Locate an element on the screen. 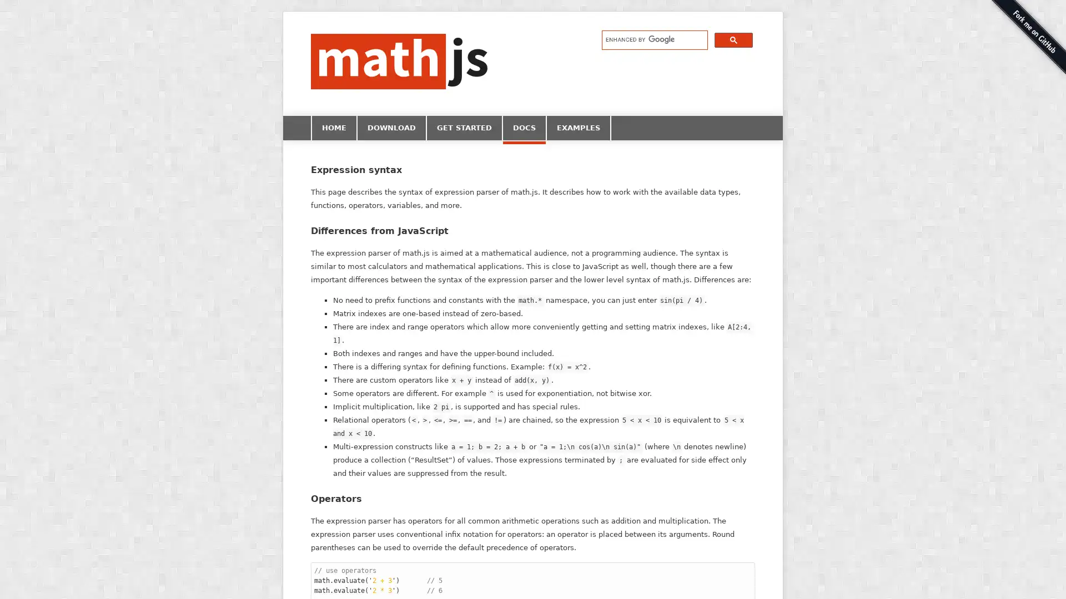 The width and height of the screenshot is (1066, 599). search is located at coordinates (733, 39).